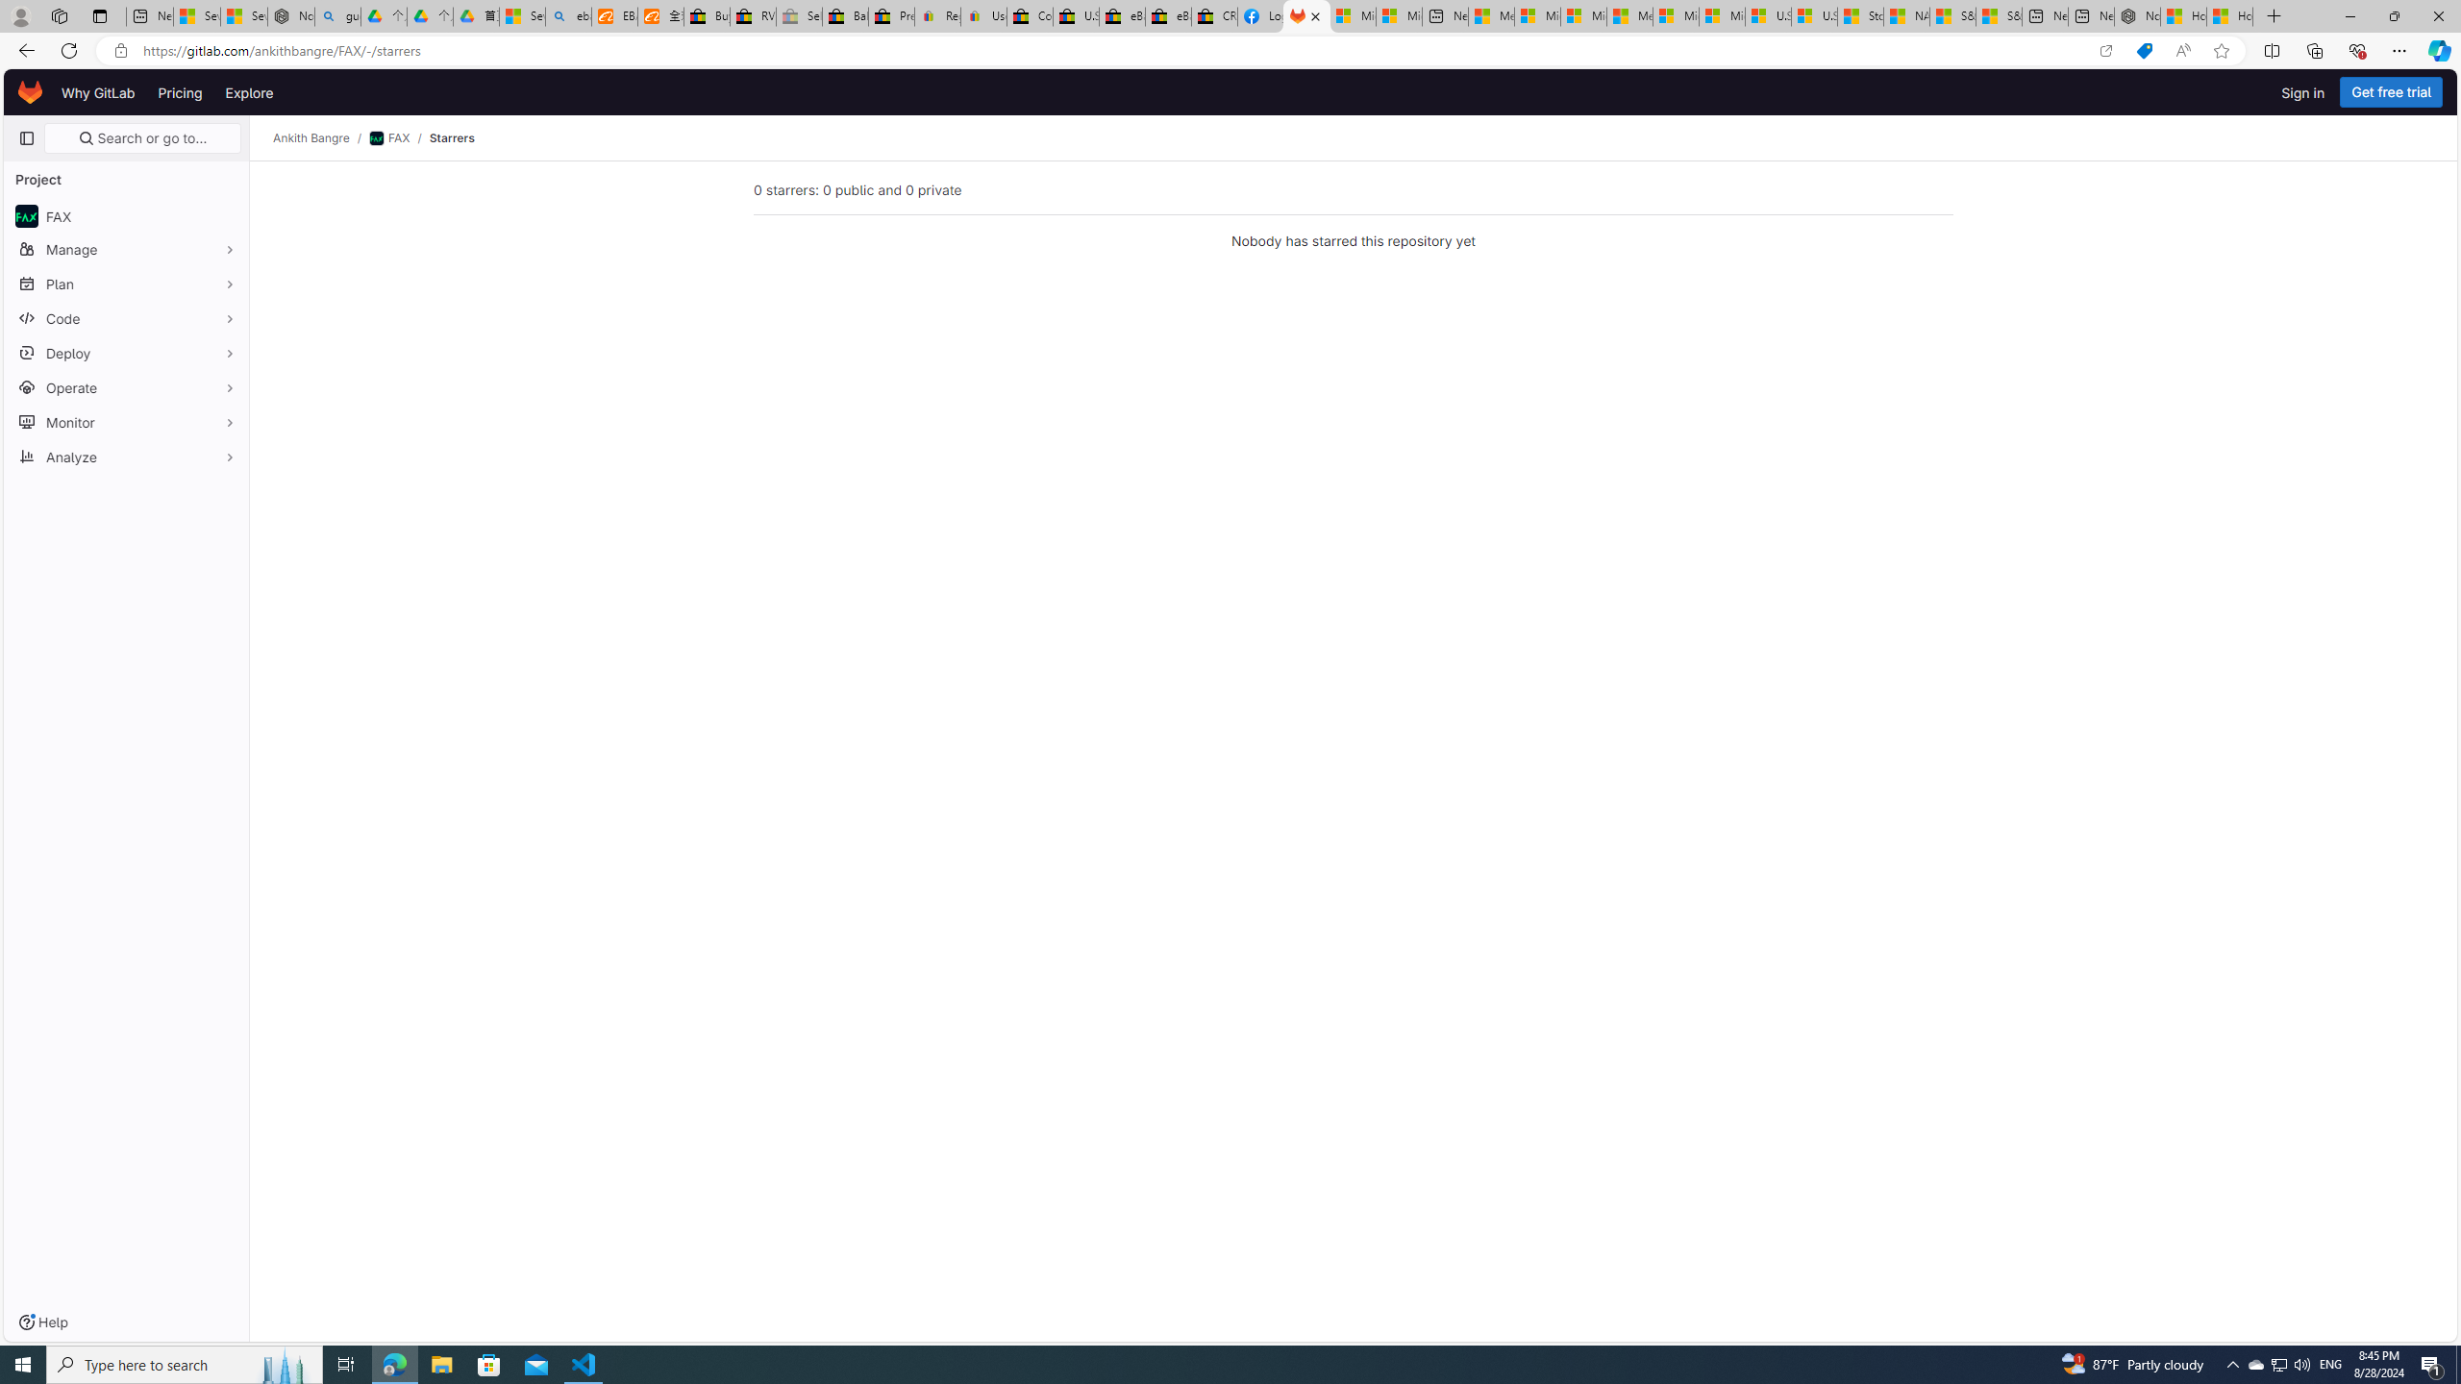  What do you see at coordinates (799, 15) in the screenshot?
I see `'Sell worldwide with eBay - Sleeping'` at bounding box center [799, 15].